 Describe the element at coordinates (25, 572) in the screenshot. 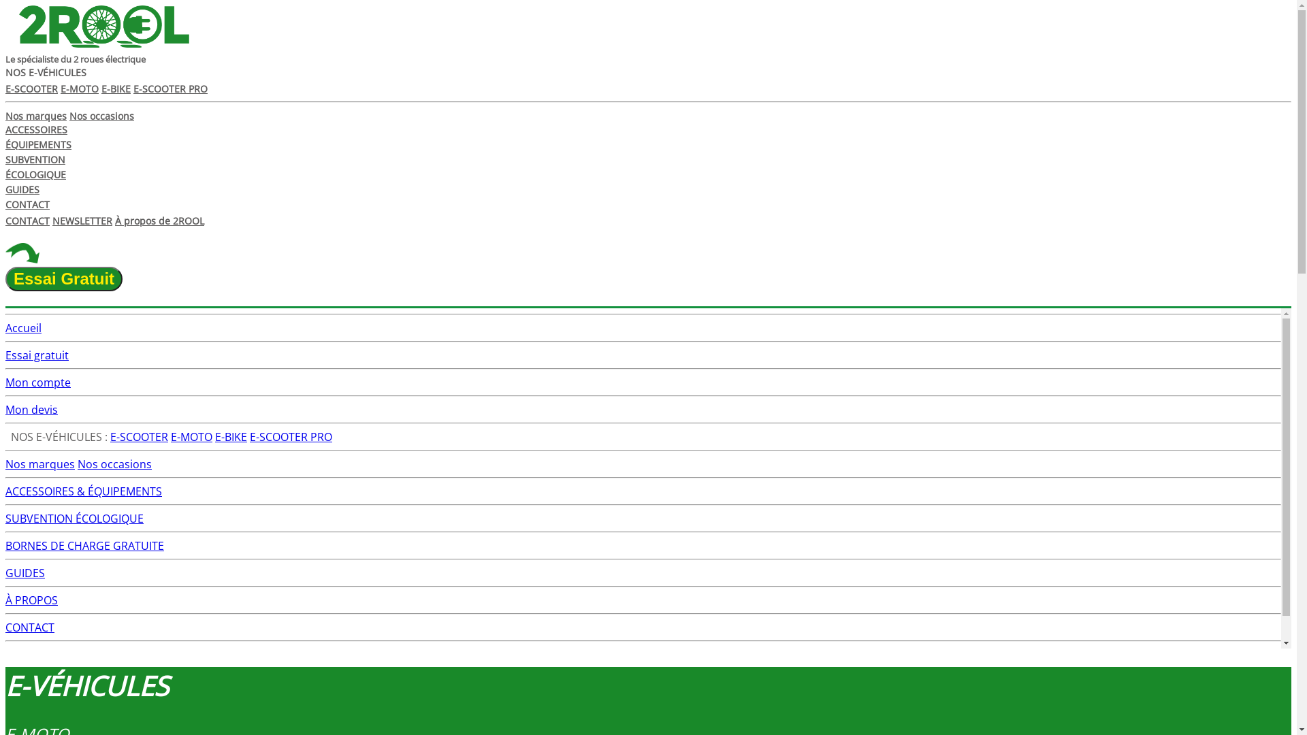

I see `'GUIDES'` at that location.